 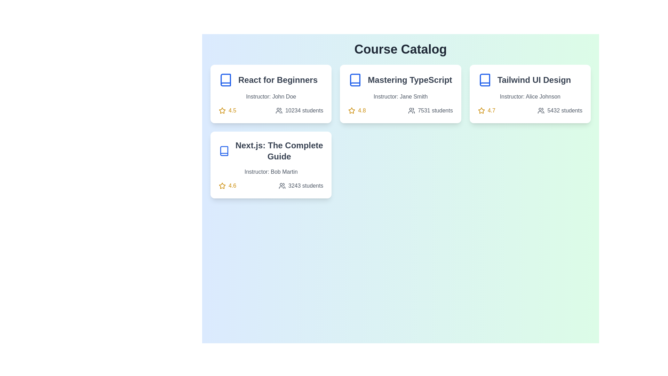 What do you see at coordinates (278, 80) in the screenshot?
I see `the text label displaying 'React for Beginners' which is styled with a large and bold font in dark gray, located in the top-left card of the grid layout` at bounding box center [278, 80].